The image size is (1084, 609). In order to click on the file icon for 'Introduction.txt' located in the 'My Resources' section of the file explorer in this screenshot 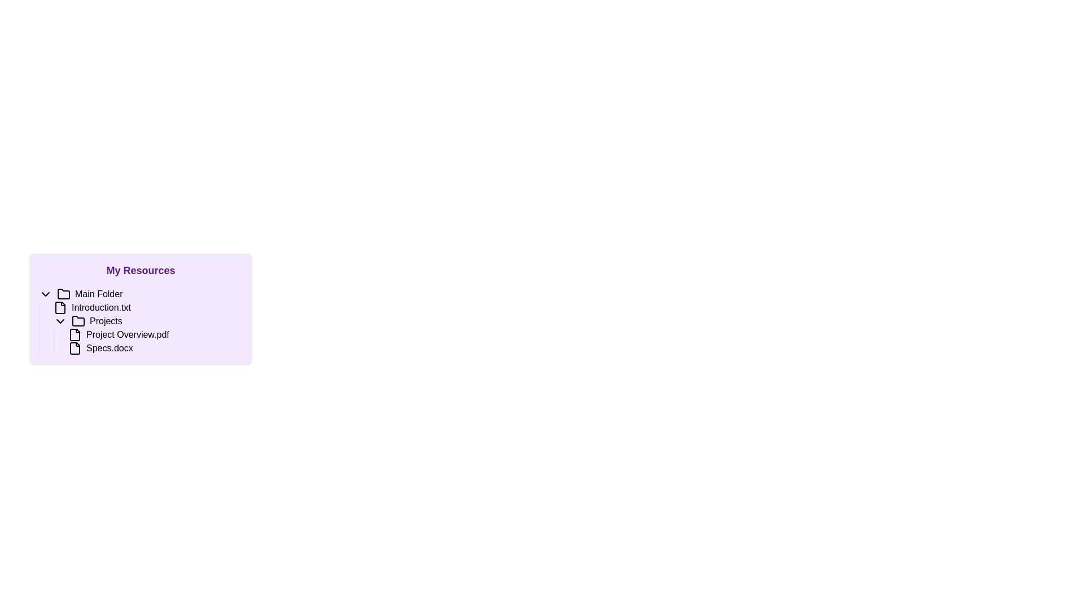, I will do `click(59, 308)`.